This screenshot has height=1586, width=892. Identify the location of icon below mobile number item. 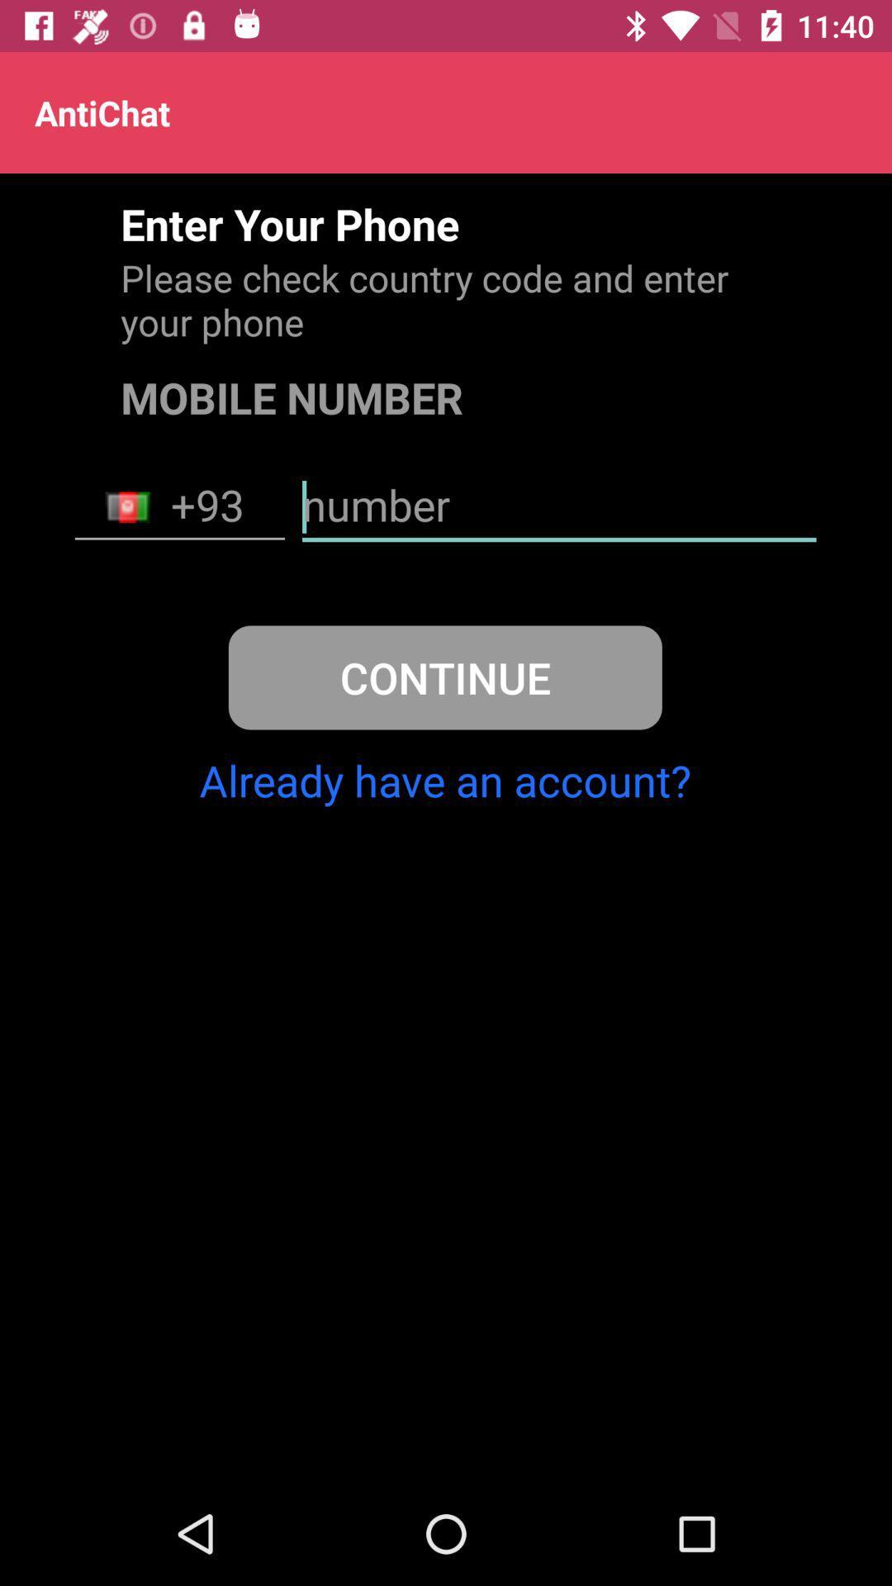
(179, 506).